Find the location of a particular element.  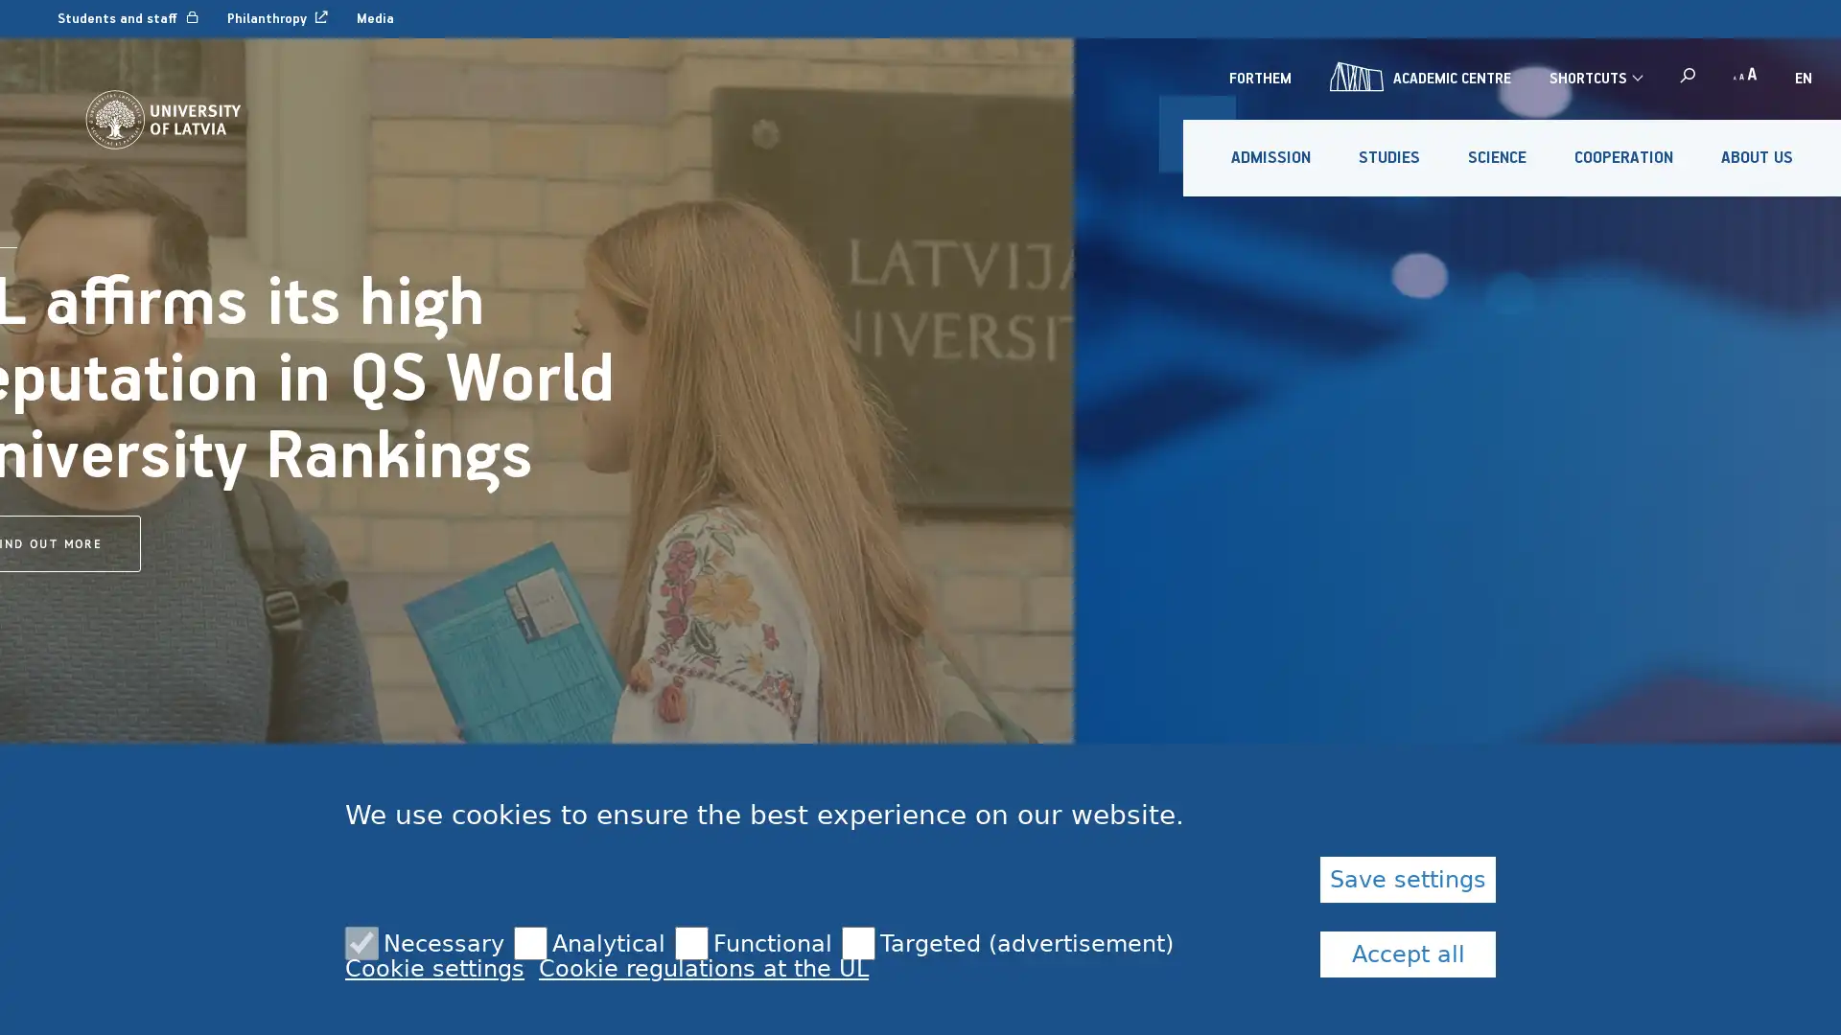

EN is located at coordinates (1803, 77).